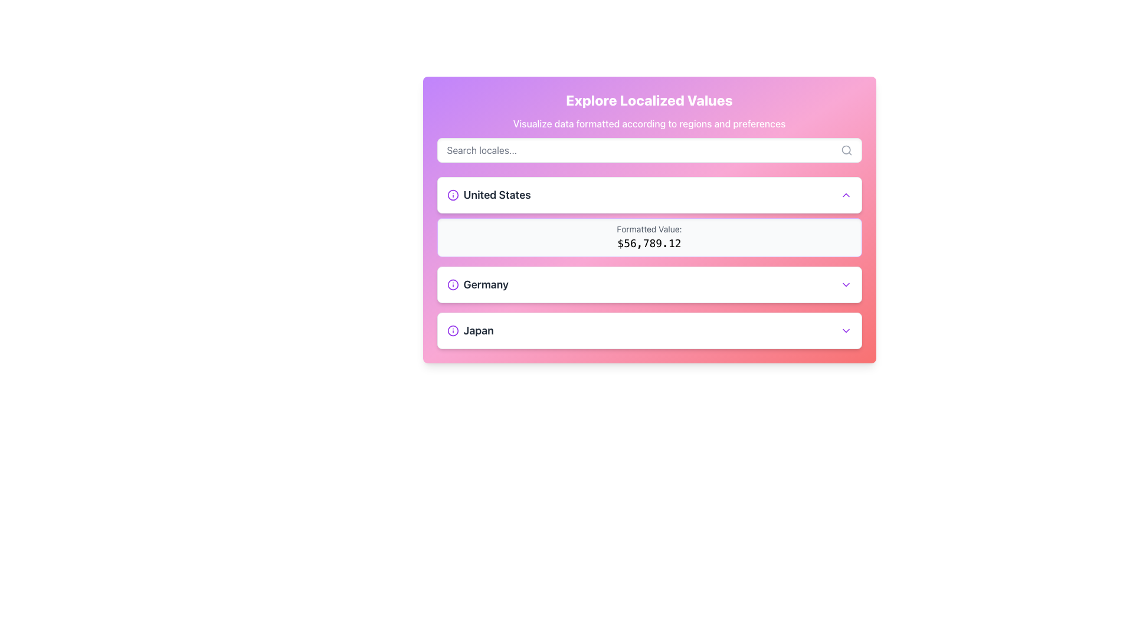  I want to click on the Text label for the United States, which is the first item in a vertical list of selectable locales, so click(489, 195).